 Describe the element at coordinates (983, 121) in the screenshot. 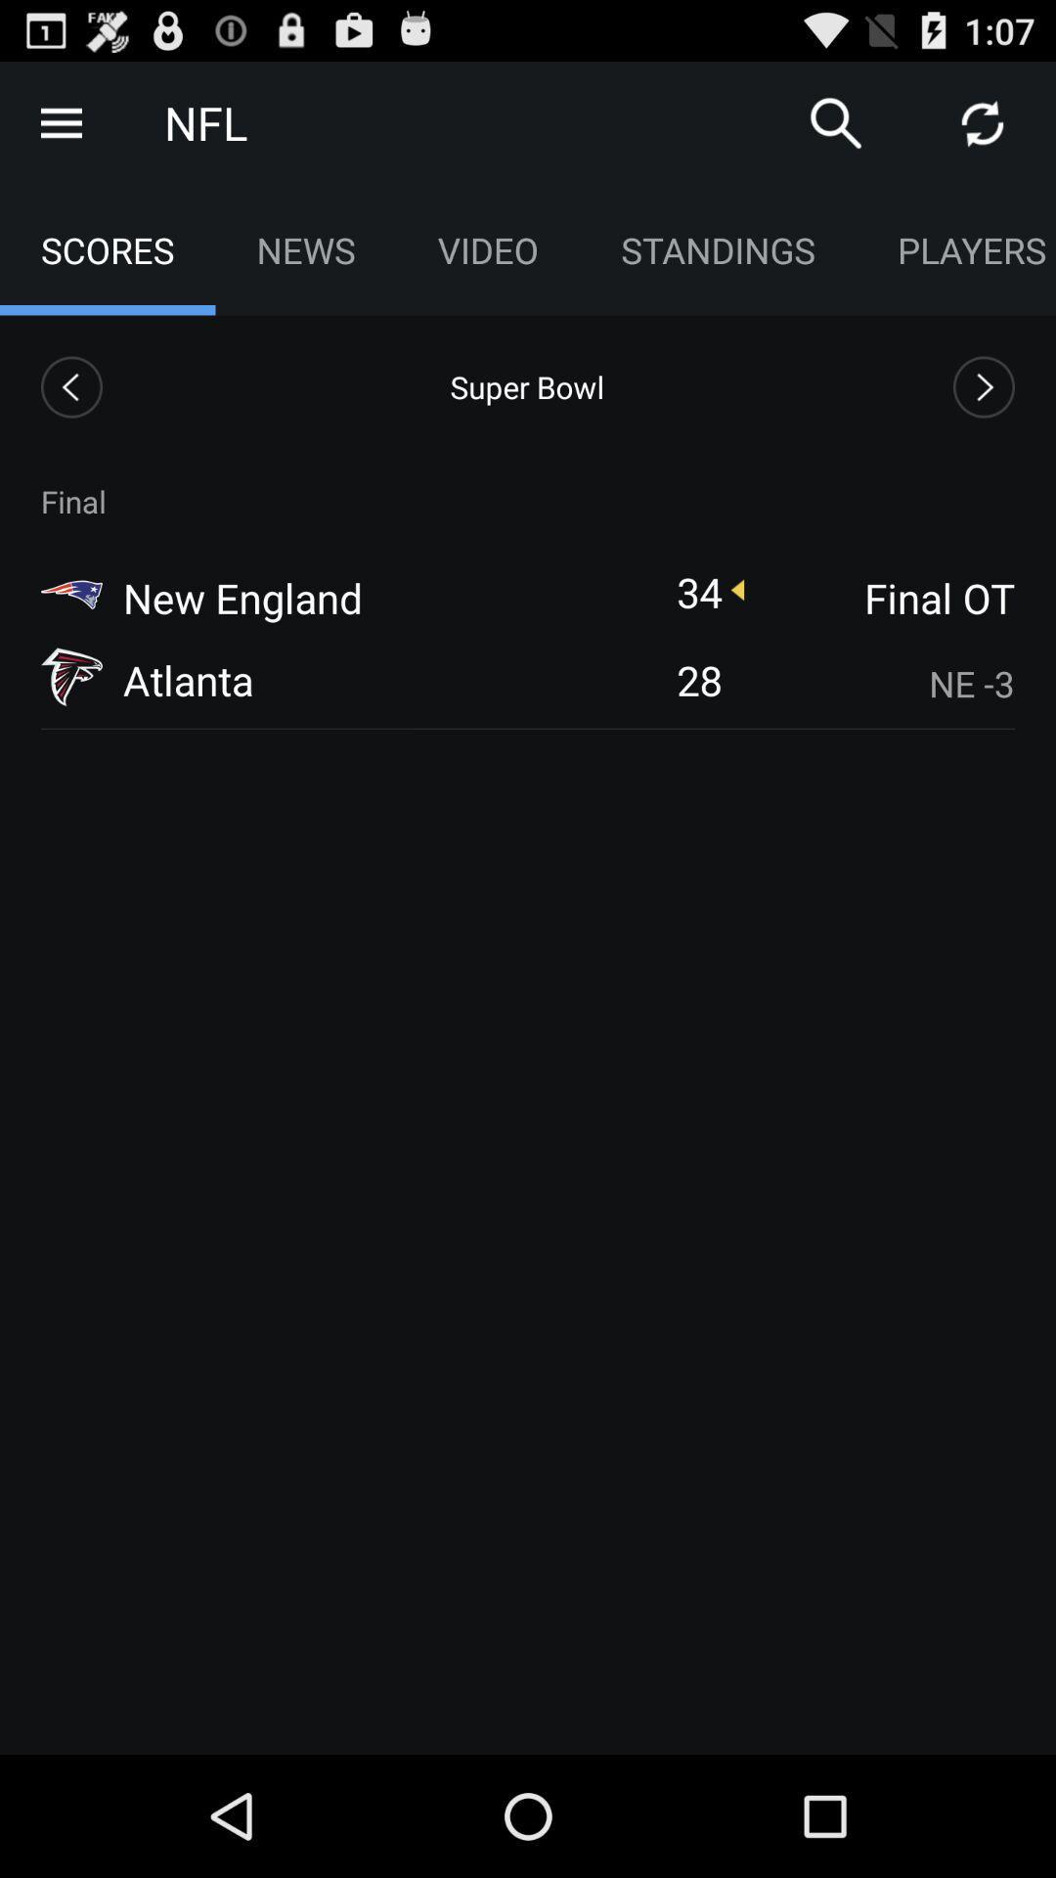

I see `refresh` at that location.